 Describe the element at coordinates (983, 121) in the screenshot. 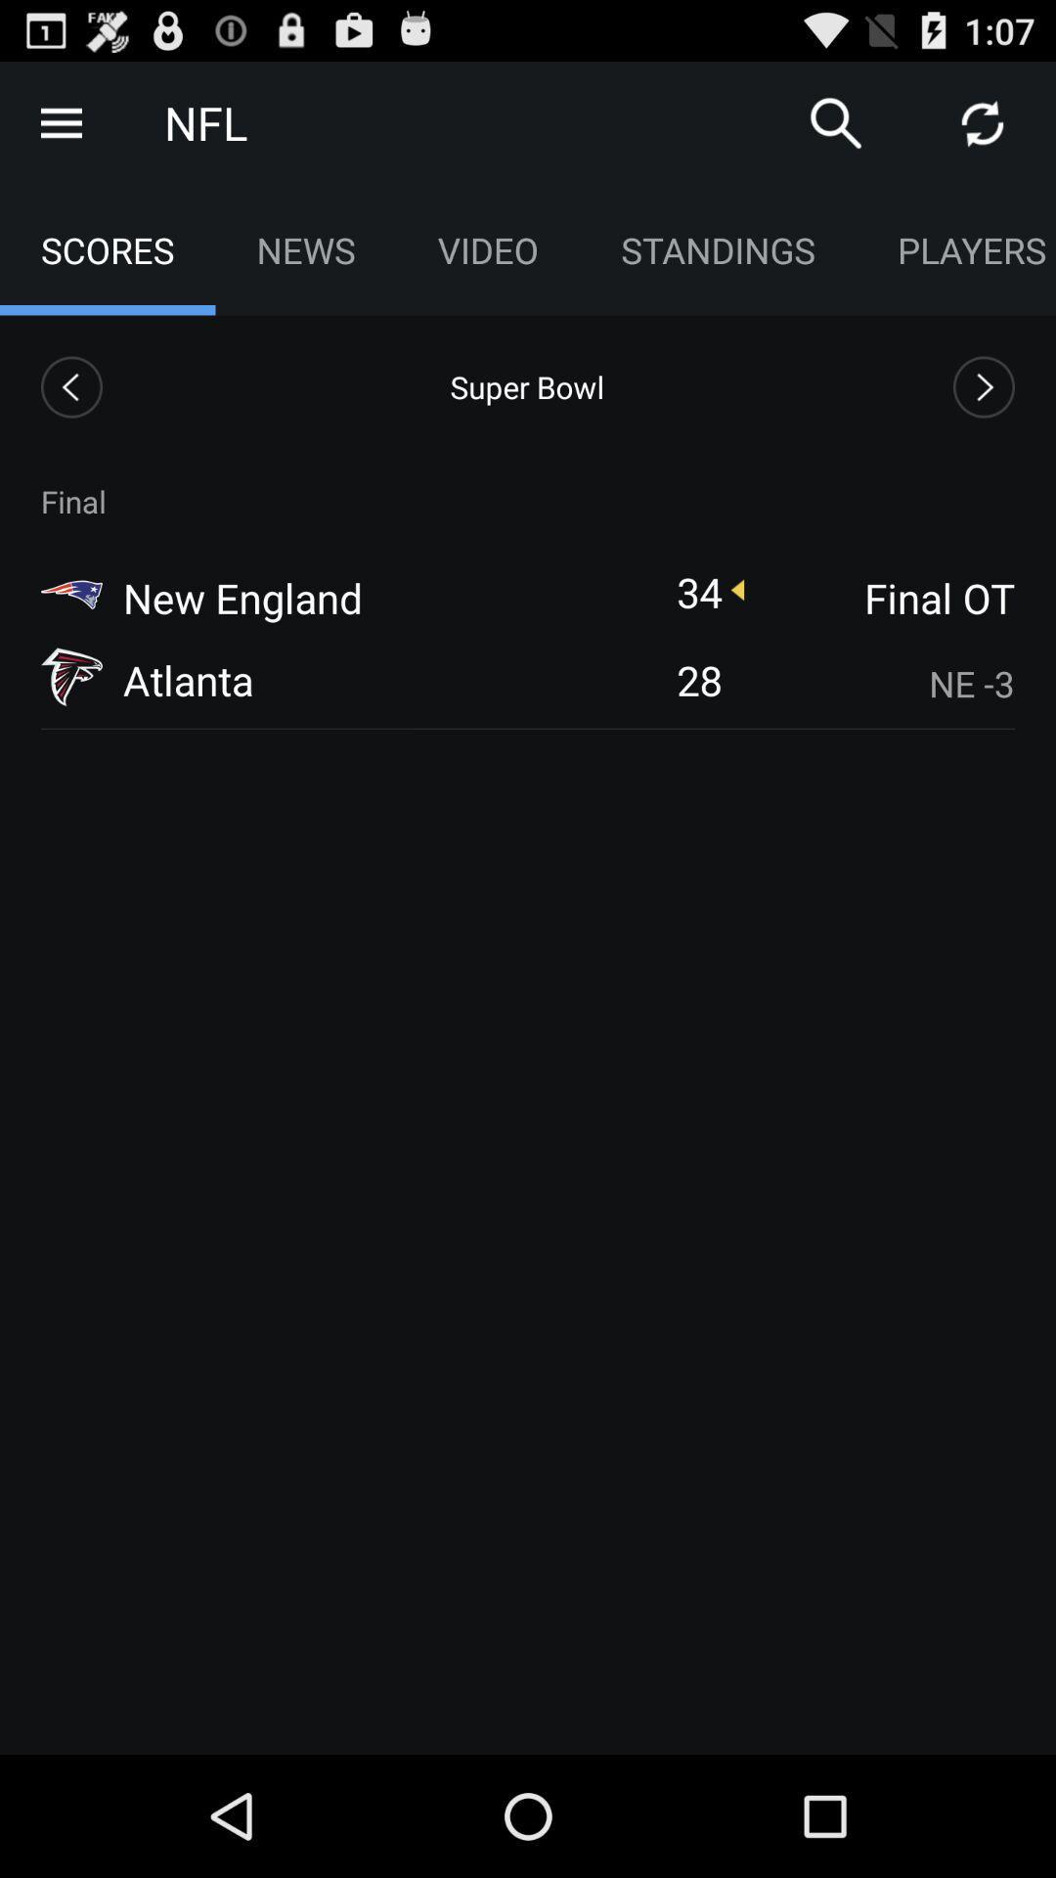

I see `refresh` at that location.